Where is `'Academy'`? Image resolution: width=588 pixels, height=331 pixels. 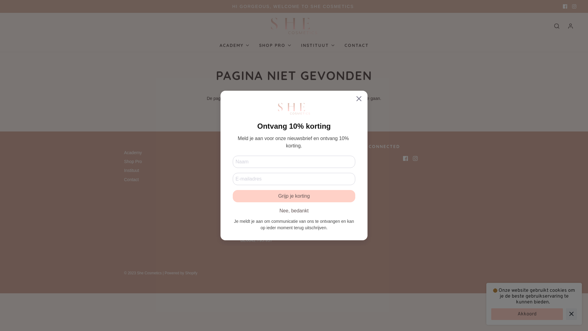 'Academy' is located at coordinates (132, 153).